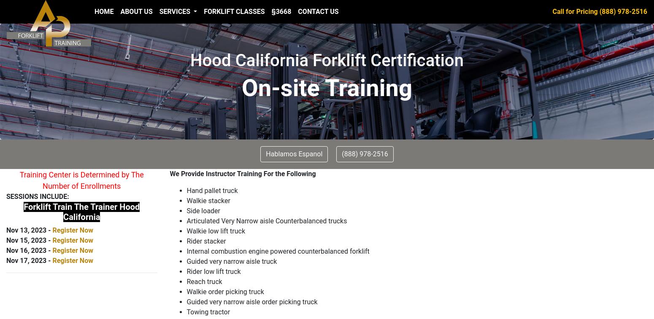 This screenshot has width=654, height=319. I want to click on '(888) 978-2516', so click(365, 153).